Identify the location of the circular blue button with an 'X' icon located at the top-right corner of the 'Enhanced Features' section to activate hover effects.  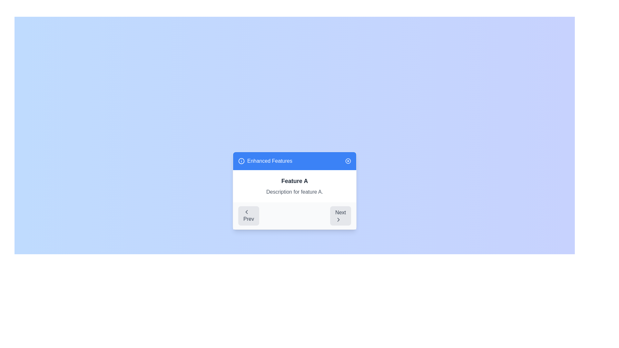
(348, 161).